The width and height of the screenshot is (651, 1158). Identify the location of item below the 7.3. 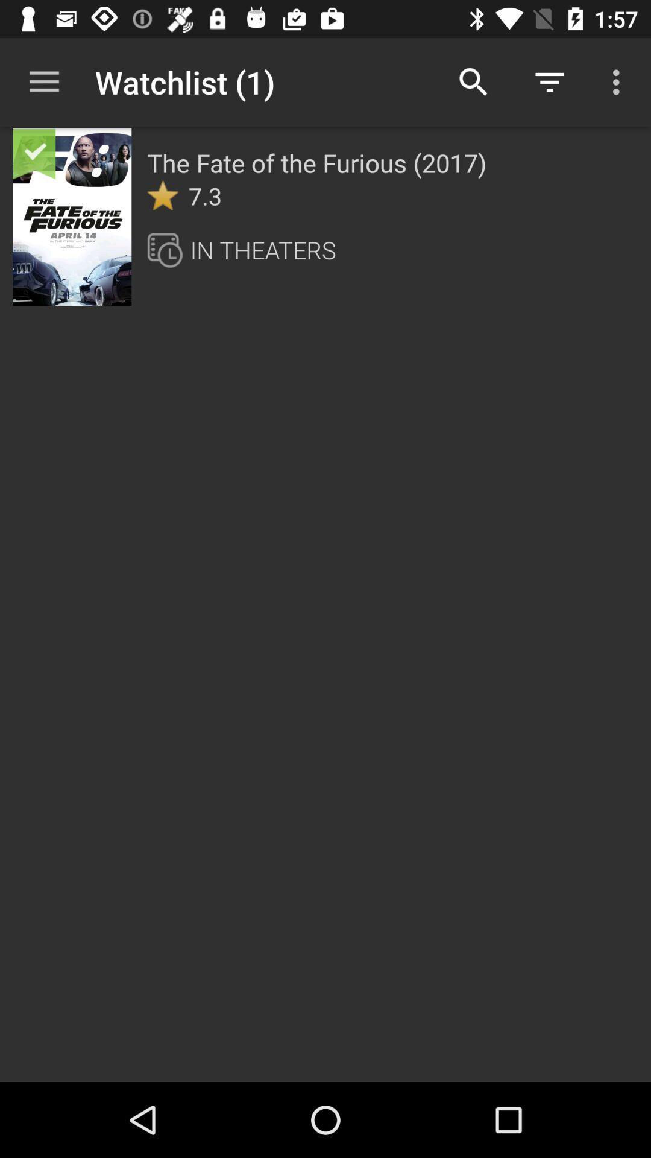
(262, 249).